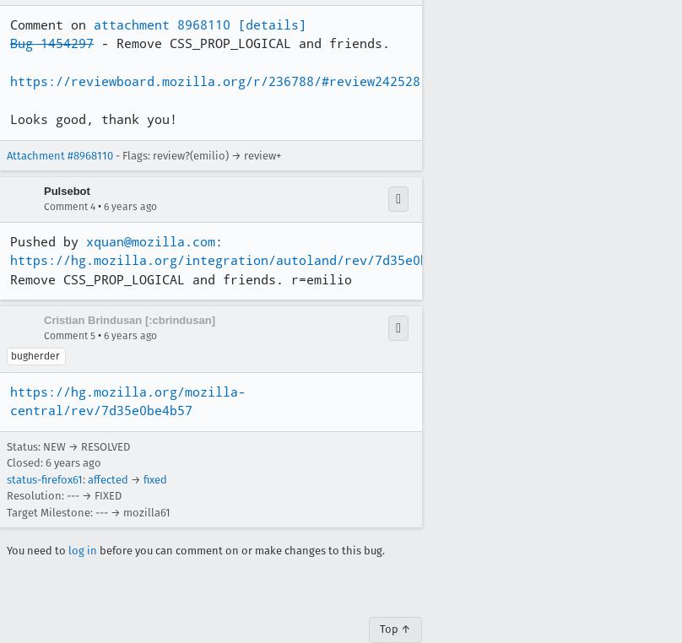 This screenshot has height=643, width=682. Describe the element at coordinates (26, 462) in the screenshot. I see `'Closed:'` at that location.